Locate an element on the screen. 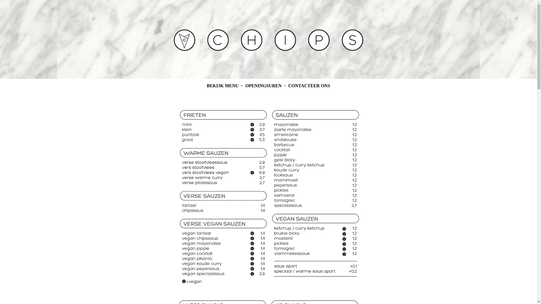 The height and width of the screenshot is (304, 541). 'BEKIJK MENU' is located at coordinates (222, 86).